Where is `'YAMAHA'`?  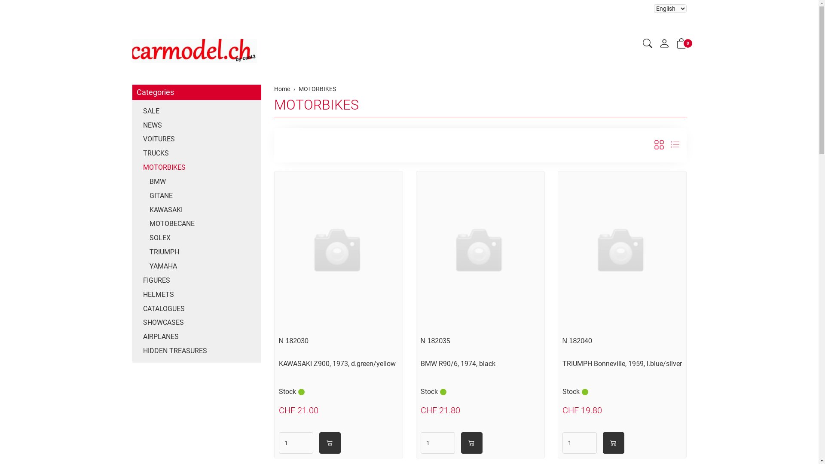 'YAMAHA' is located at coordinates (196, 266).